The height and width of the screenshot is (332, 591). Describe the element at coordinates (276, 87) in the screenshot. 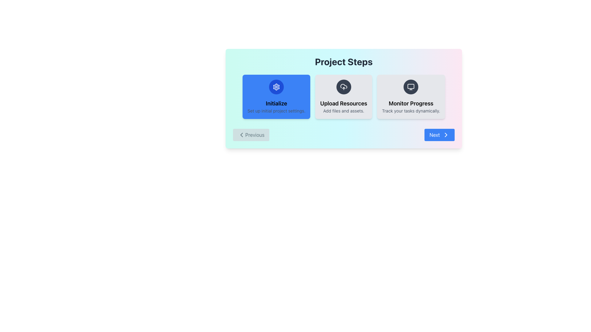

I see `the gear-shaped icon located at the center of the leftmost card under the heading 'Project Steps' with a blue background` at that location.